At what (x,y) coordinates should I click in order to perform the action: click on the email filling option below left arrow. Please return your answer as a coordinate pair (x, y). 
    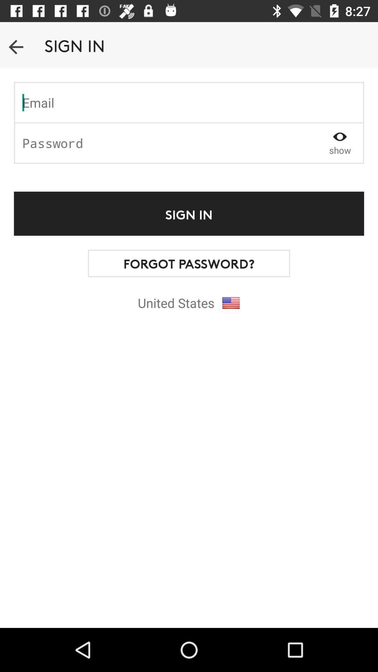
    Looking at the image, I should click on (189, 102).